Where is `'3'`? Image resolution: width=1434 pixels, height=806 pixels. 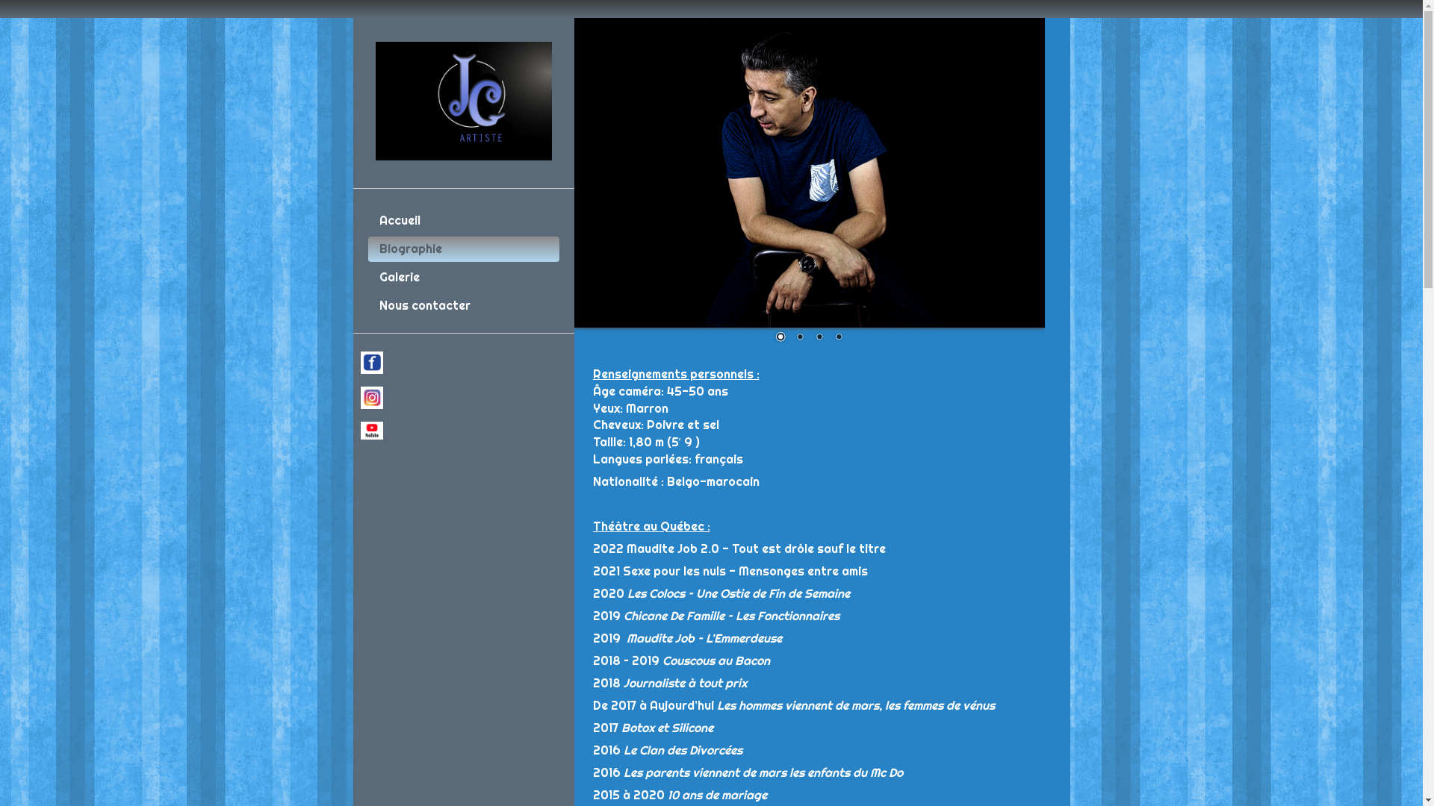 '3' is located at coordinates (819, 337).